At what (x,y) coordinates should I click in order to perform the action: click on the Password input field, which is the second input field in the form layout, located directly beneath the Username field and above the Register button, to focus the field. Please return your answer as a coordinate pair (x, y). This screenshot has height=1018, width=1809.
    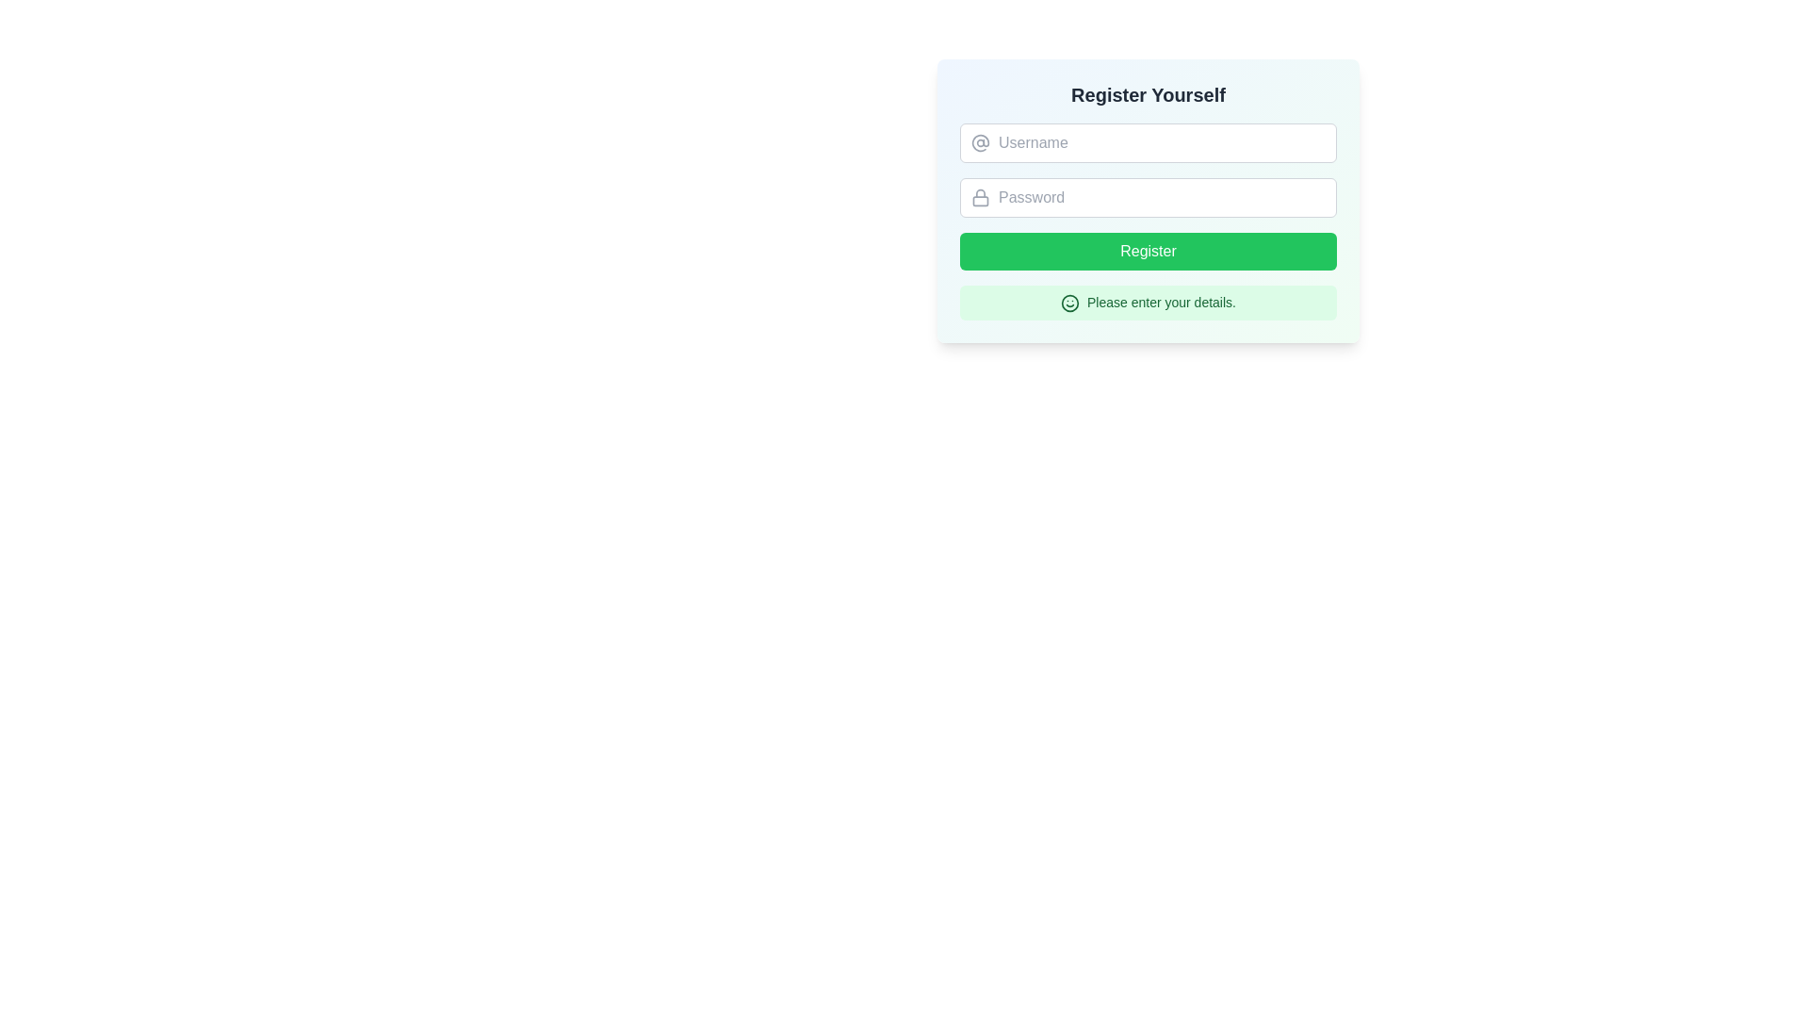
    Looking at the image, I should click on (1148, 200).